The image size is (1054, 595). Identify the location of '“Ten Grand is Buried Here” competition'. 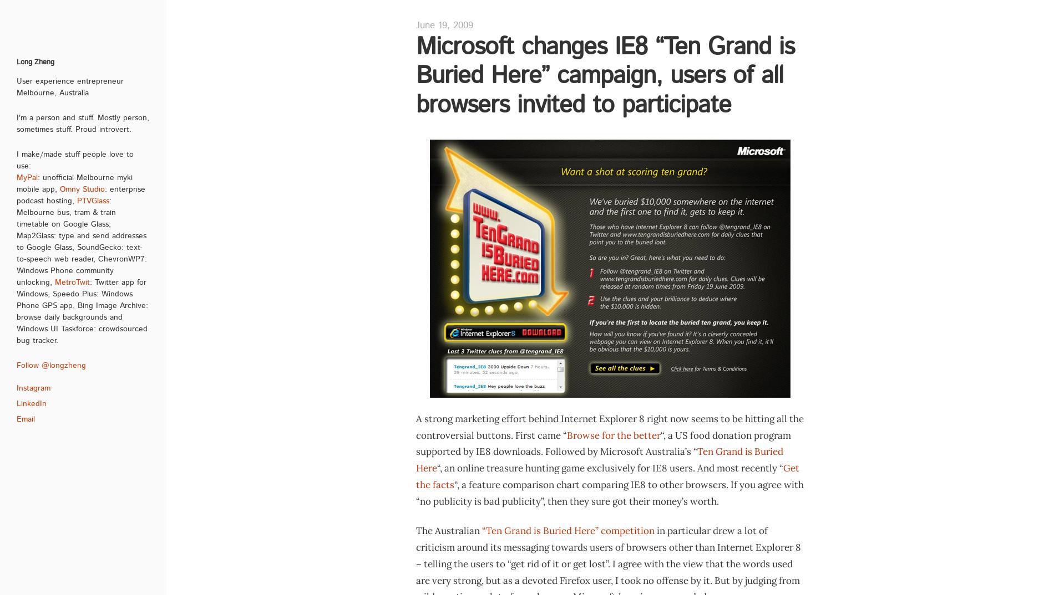
(568, 531).